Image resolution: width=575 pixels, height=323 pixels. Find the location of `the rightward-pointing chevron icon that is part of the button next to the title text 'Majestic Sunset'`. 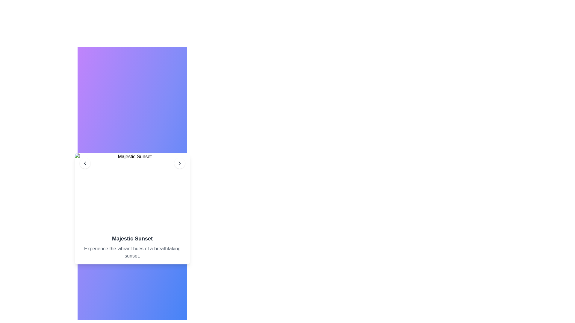

the rightward-pointing chevron icon that is part of the button next to the title text 'Majestic Sunset' is located at coordinates (179, 163).